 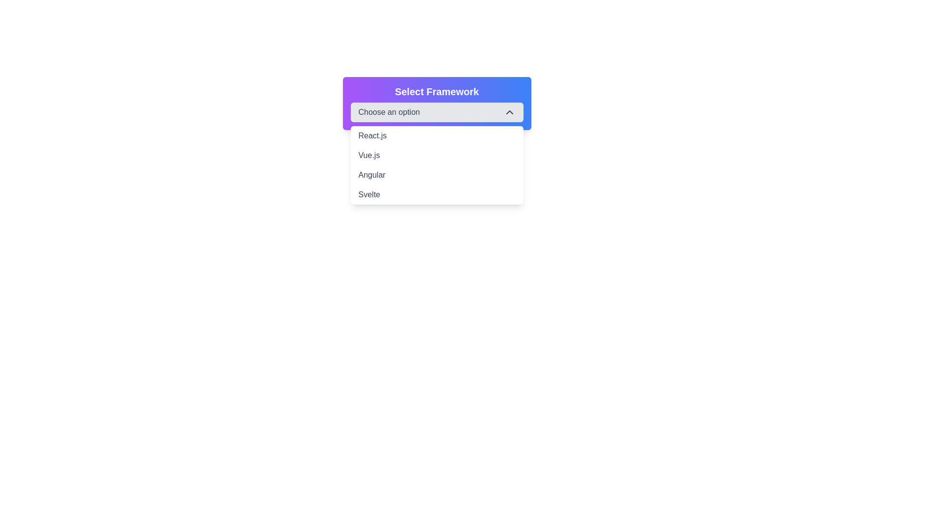 What do you see at coordinates (371, 175) in the screenshot?
I see `the 'Angular' option in the 'Select Framework' dropdown menu` at bounding box center [371, 175].